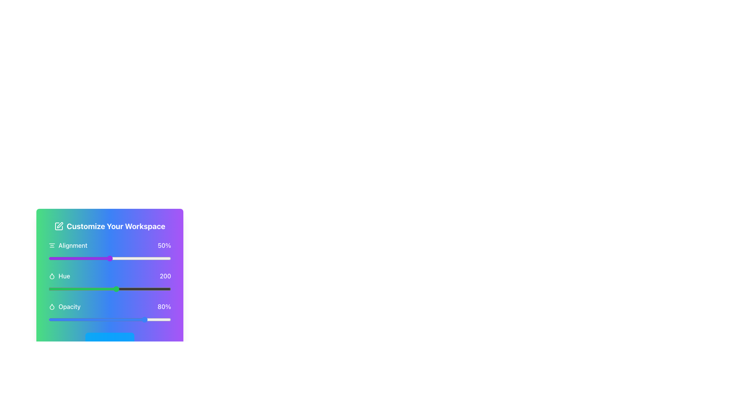  I want to click on the water droplet icon, which is outlined in dark gray and positioned next to the label 'Hue', so click(51, 276).